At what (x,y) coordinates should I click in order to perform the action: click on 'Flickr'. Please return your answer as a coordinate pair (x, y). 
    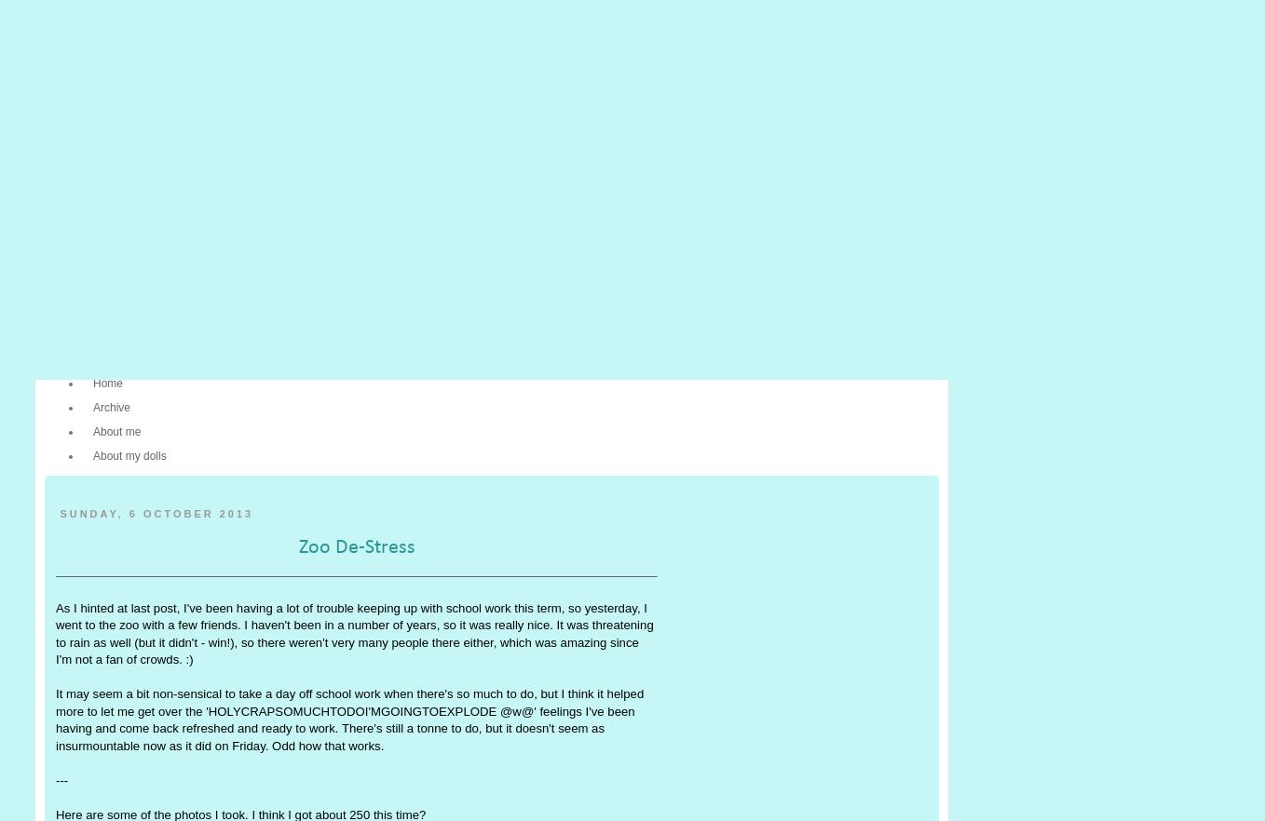
    Looking at the image, I should click on (303, 329).